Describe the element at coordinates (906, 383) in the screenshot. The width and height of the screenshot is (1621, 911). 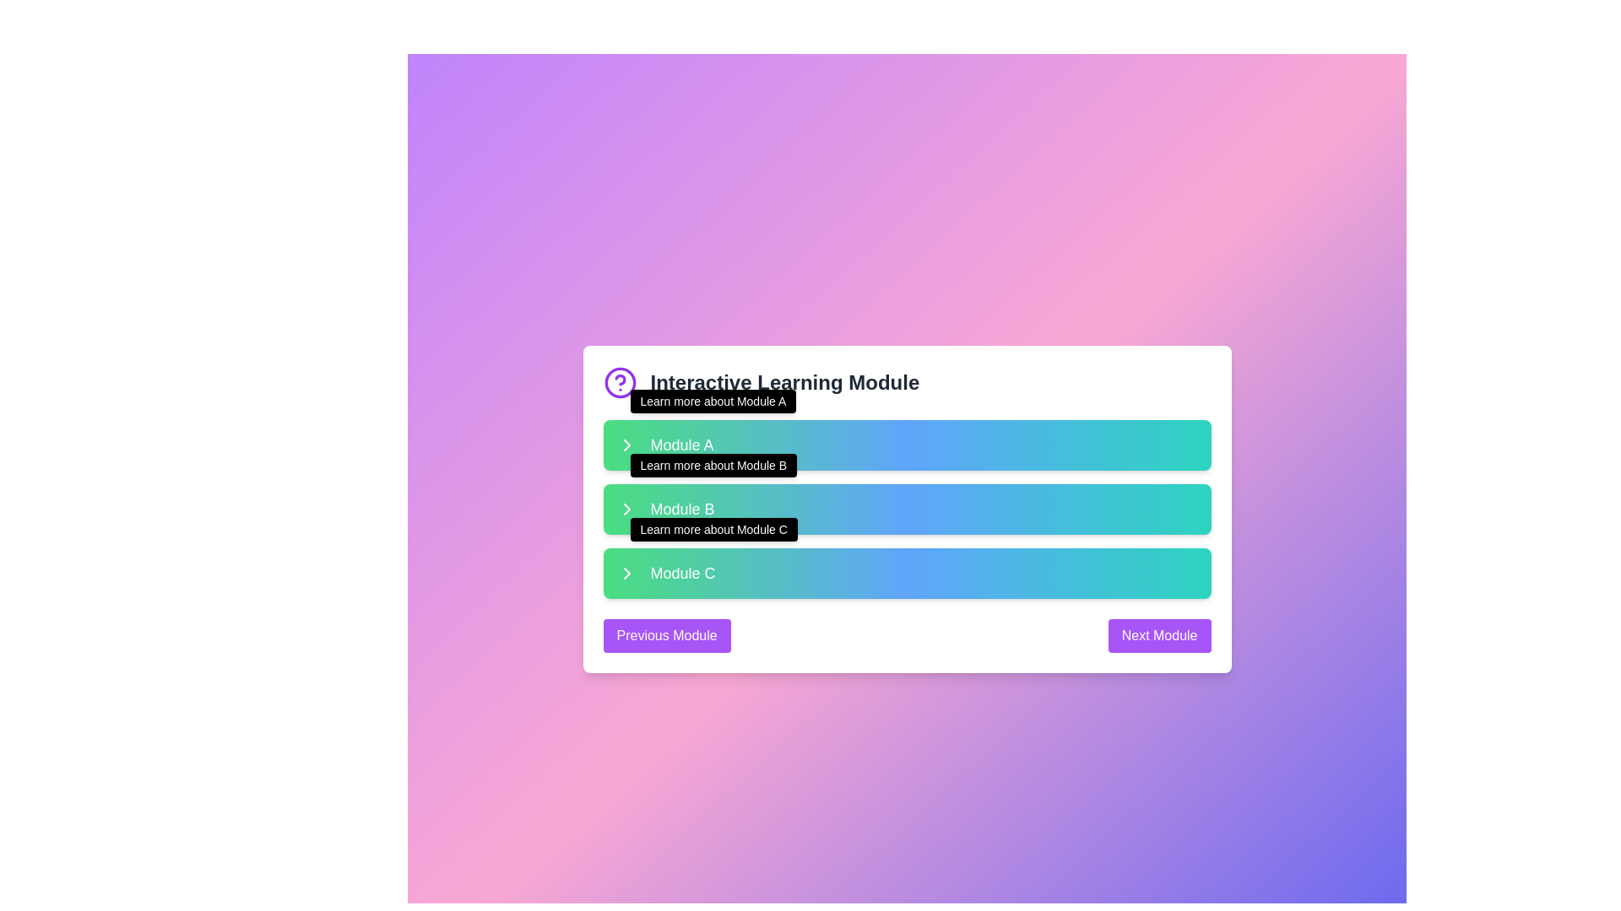
I see `the Header text element at the top of the section` at that location.